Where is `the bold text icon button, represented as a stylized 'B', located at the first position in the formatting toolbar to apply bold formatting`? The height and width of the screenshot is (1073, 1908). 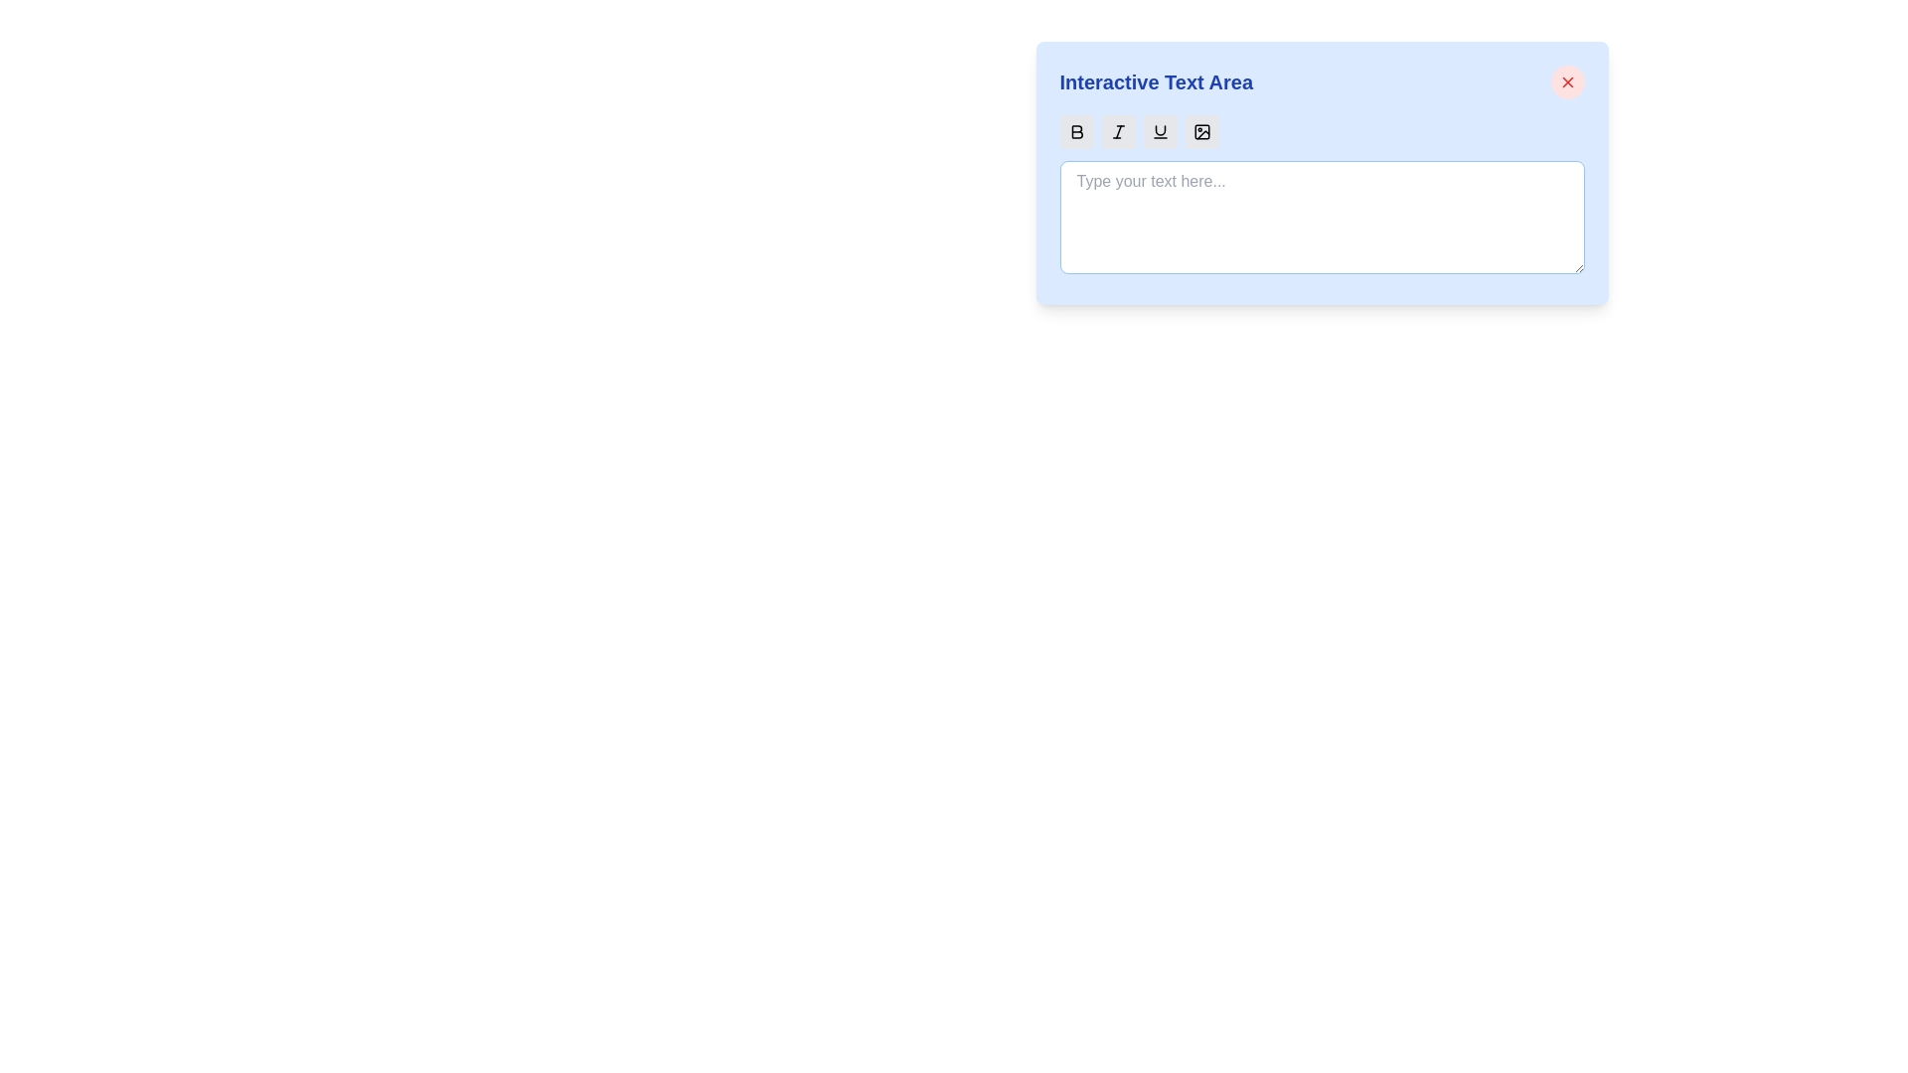 the bold text icon button, represented as a stylized 'B', located at the first position in the formatting toolbar to apply bold formatting is located at coordinates (1075, 131).